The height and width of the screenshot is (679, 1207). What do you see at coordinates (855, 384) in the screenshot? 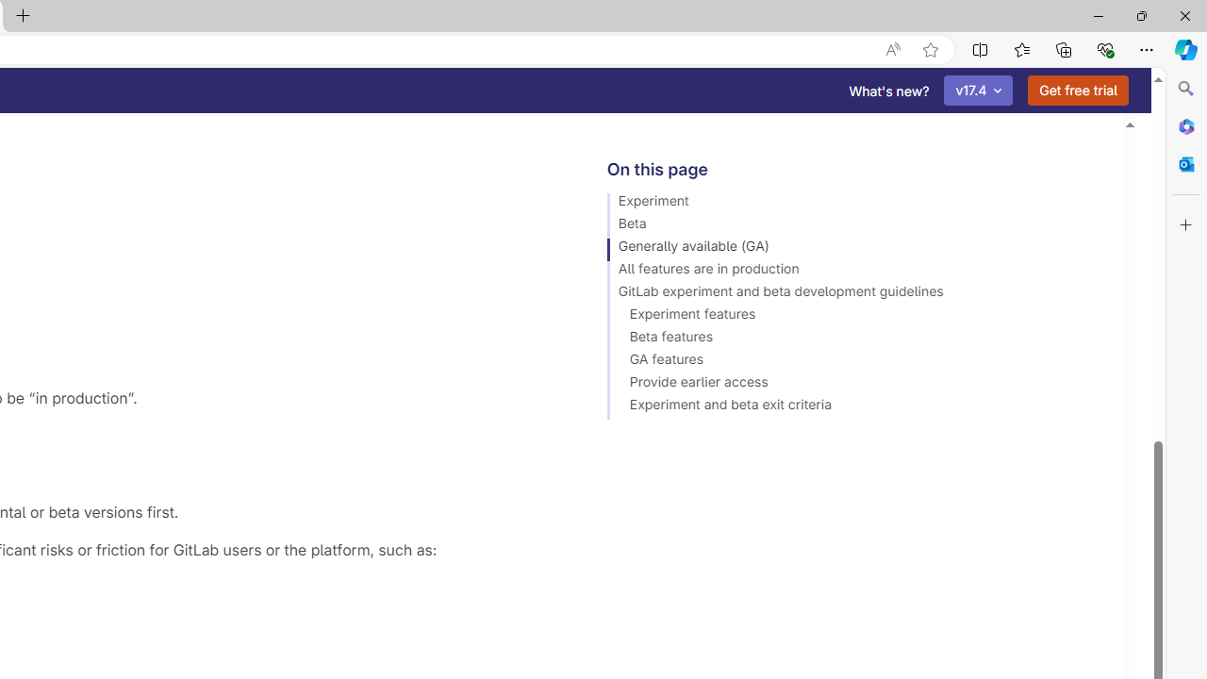
I see `'Provide earlier access'` at bounding box center [855, 384].